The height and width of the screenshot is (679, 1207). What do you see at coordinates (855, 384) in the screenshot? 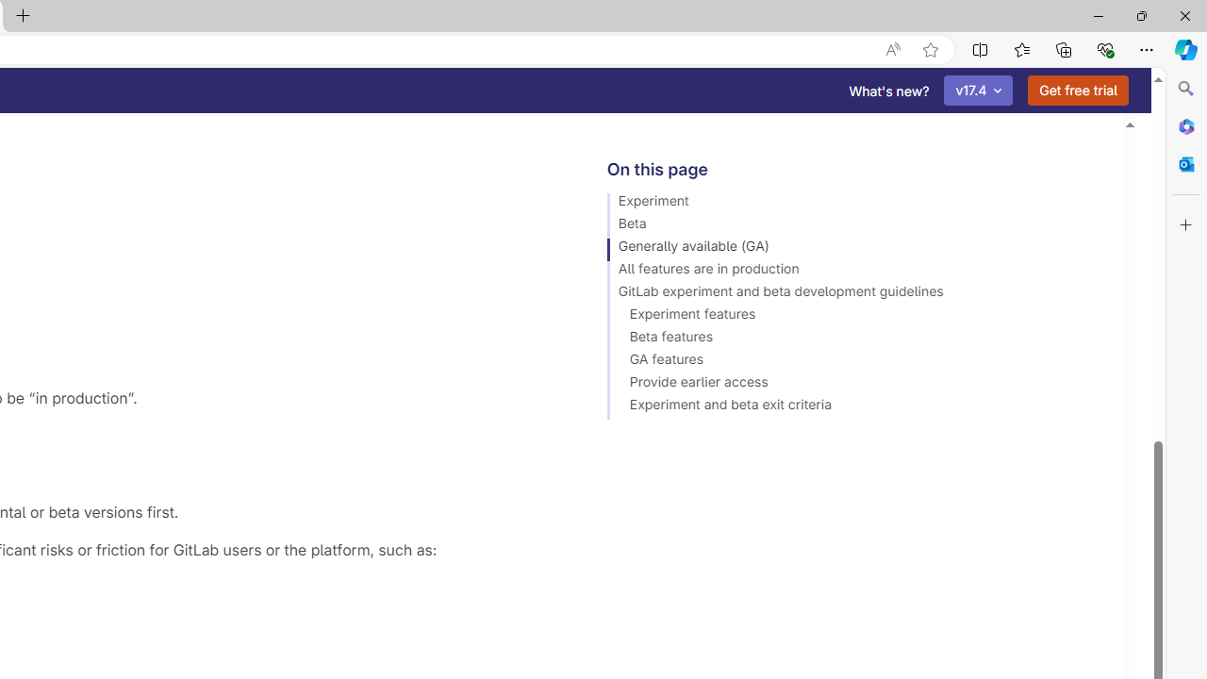
I see `'Provide earlier access'` at bounding box center [855, 384].